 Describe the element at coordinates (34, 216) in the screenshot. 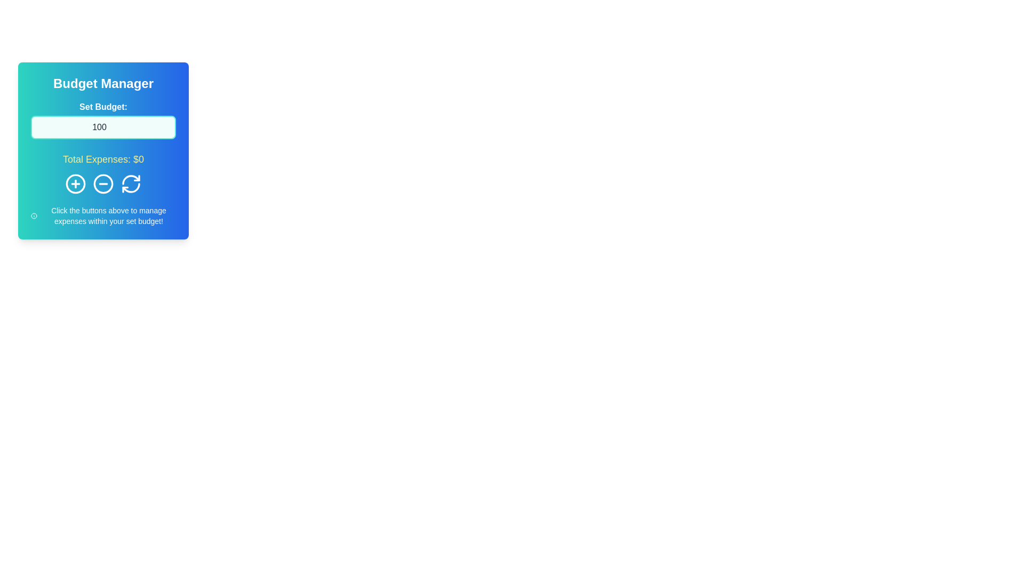

I see `the circular 'i' icon styled in white, which is positioned at the leftmost side of the text that guides users on managing expenses` at that location.